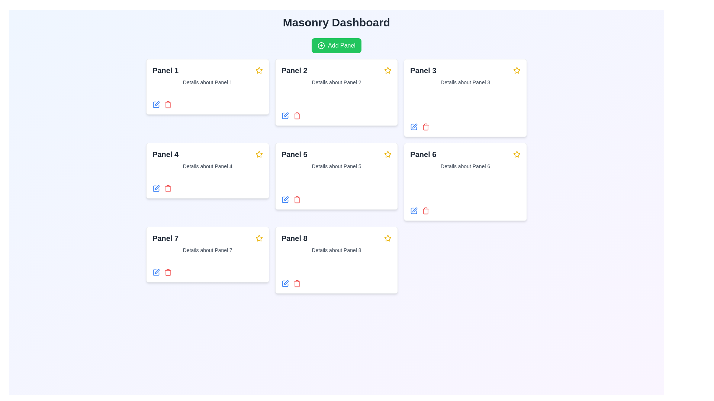 This screenshot has width=714, height=401. What do you see at coordinates (156, 104) in the screenshot?
I see `the edit icon located at the bottom-left corner of Panel 1` at bounding box center [156, 104].